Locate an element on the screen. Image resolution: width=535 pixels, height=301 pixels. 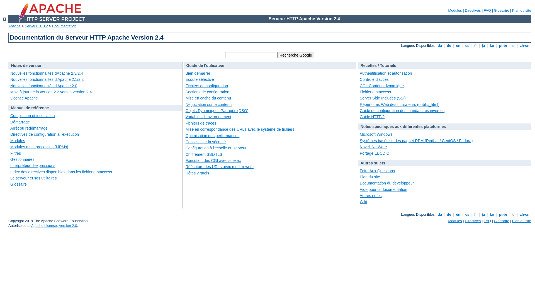
' pt-br ' is located at coordinates (498, 45).